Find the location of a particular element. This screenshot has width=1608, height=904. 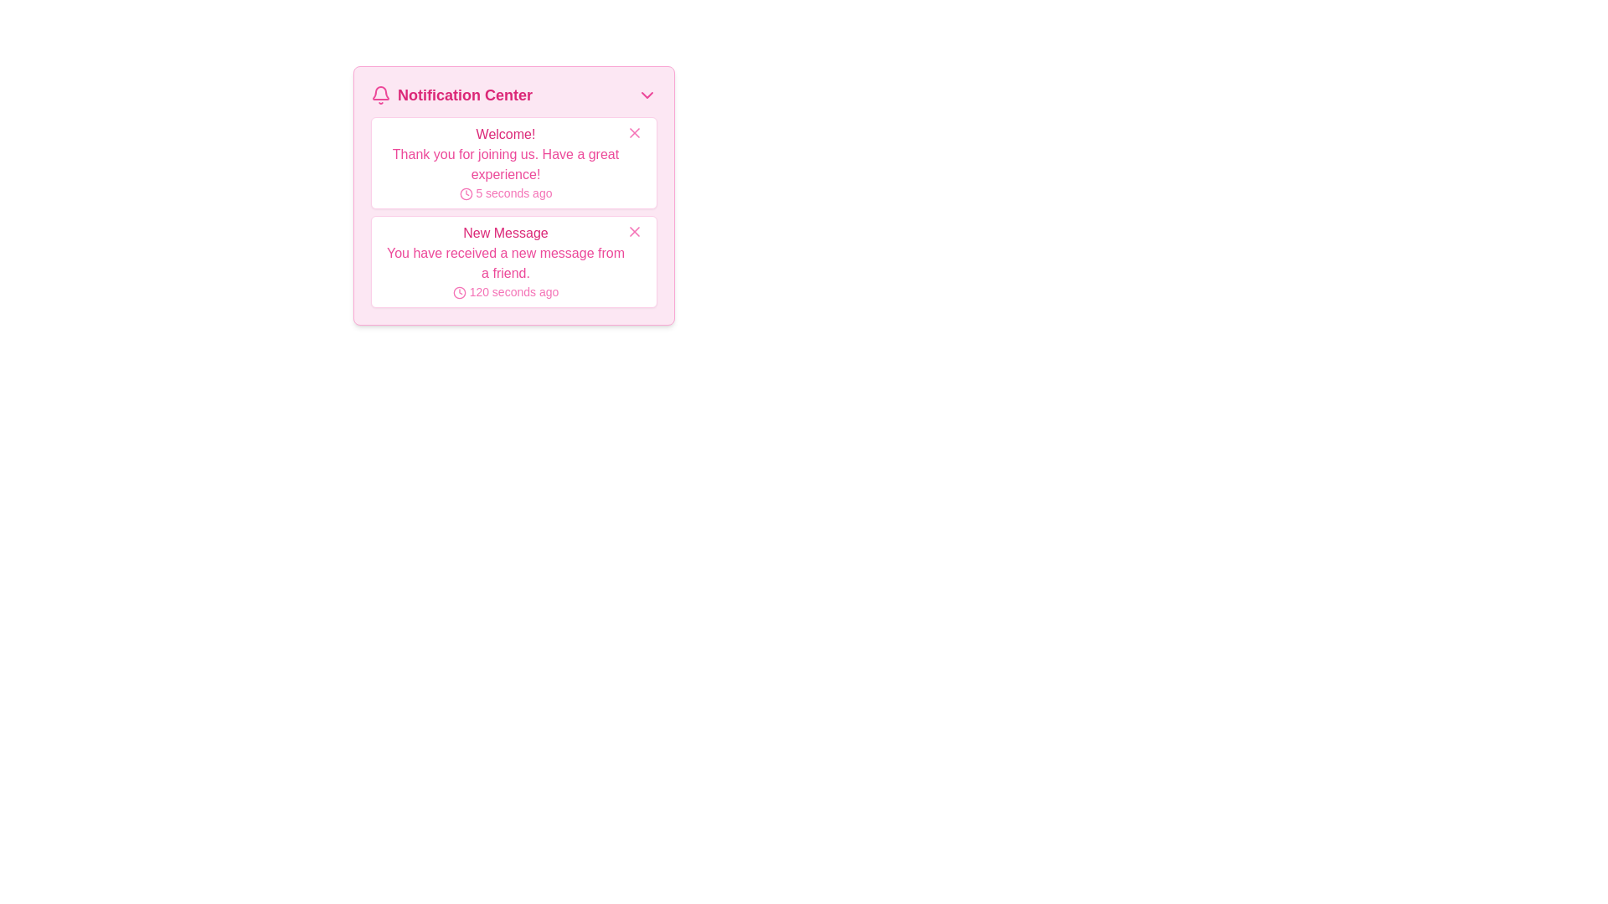

the close button located at the top-right corner of the 'New Message' notification box is located at coordinates (634, 232).